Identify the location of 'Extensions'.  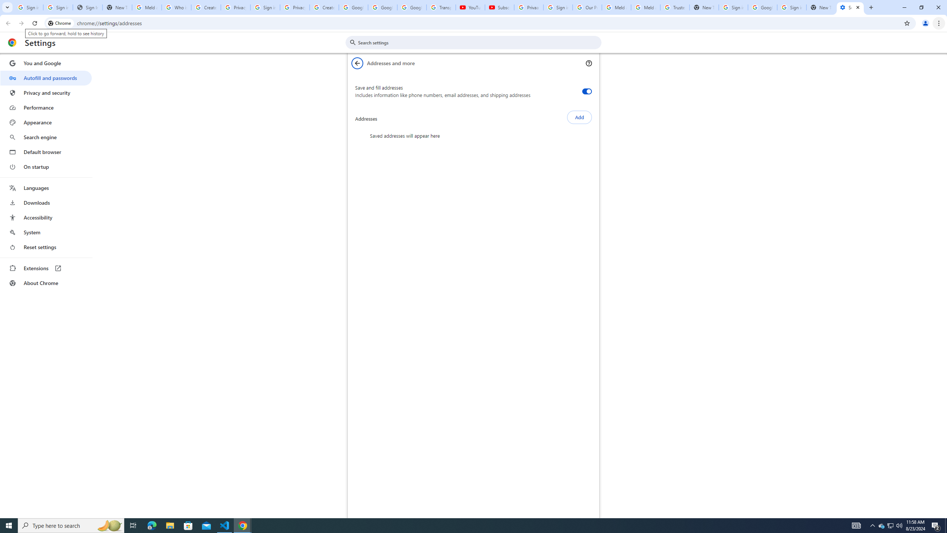
(46, 268).